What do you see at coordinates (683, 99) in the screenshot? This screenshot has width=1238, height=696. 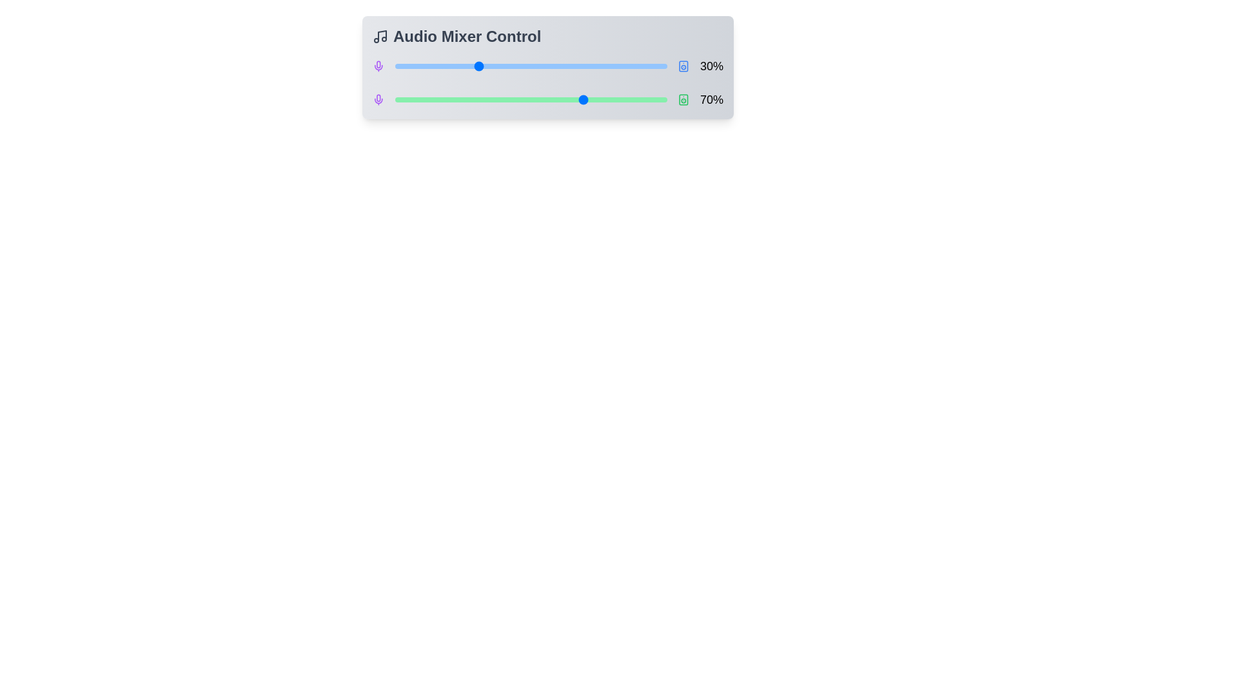 I see `the audio control icon, styled as a speaker, located to the immediate right of the number '70%' in the second horizontal row` at bounding box center [683, 99].